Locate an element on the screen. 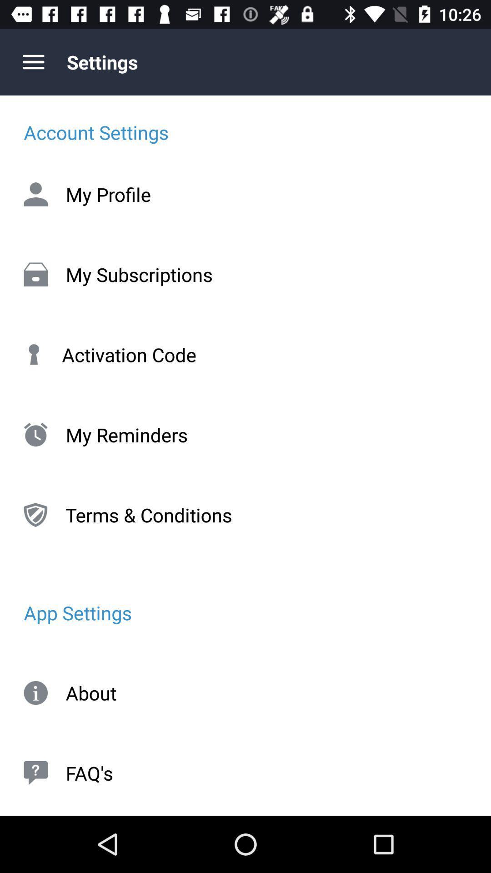 The width and height of the screenshot is (491, 873). the icon above my reminders icon is located at coordinates (245, 354).